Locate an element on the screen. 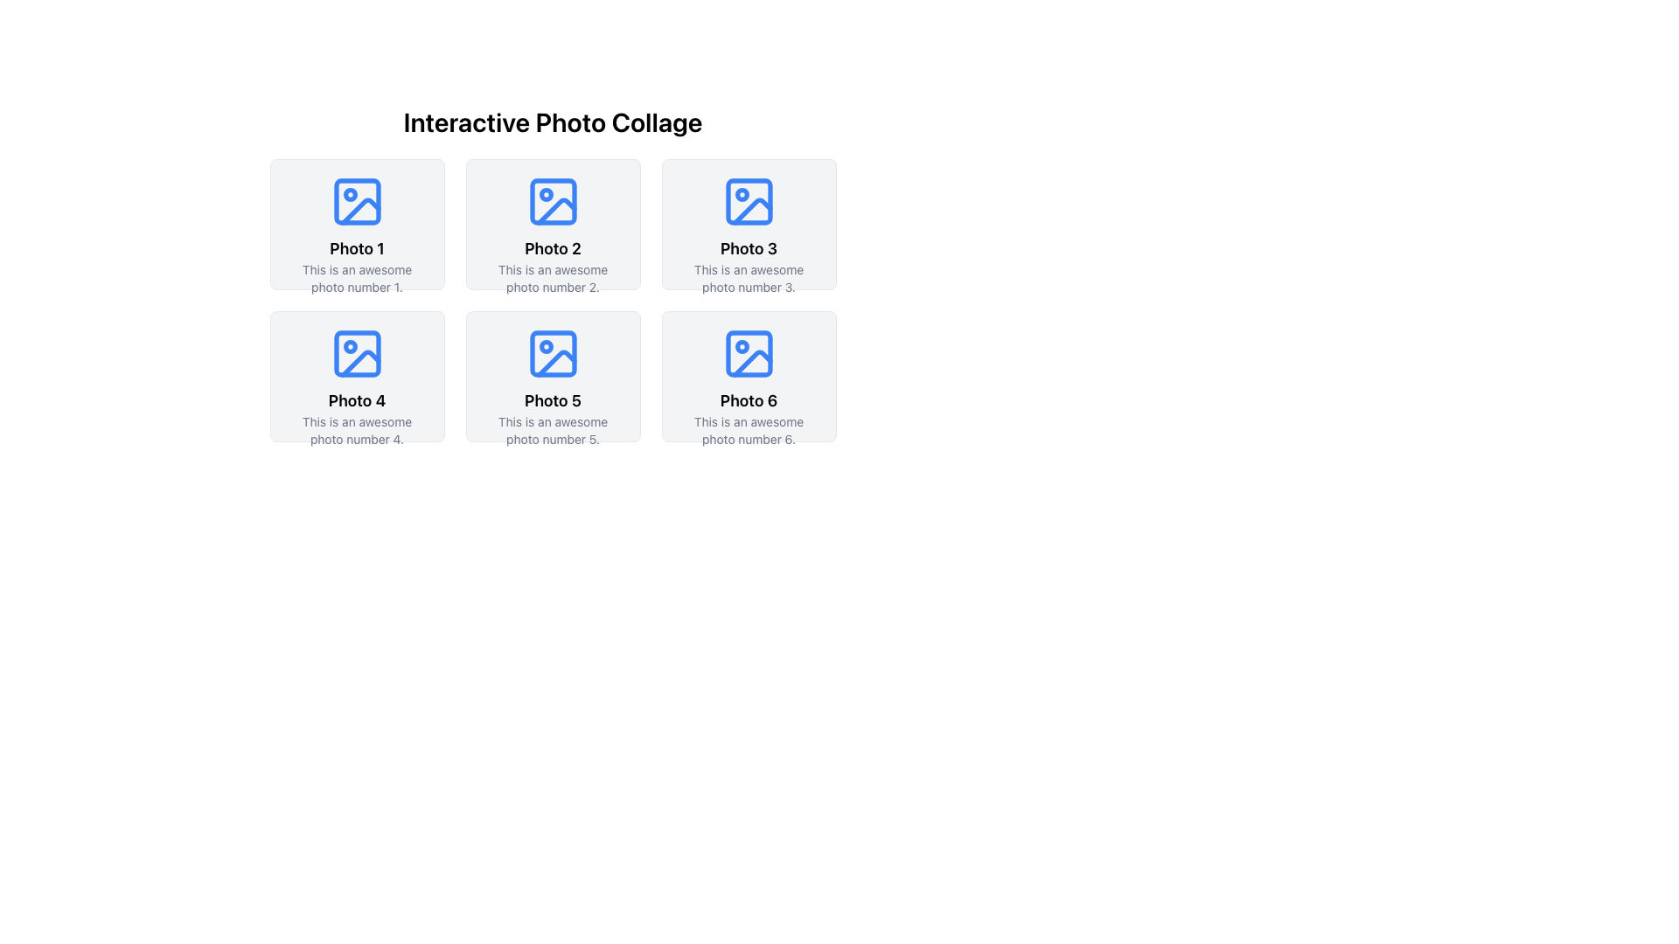 Image resolution: width=1679 pixels, height=944 pixels. the blue outlined square SVG icon representing an image located in the top-right cell of the photo card labeled 'Photo 3, This is an awesome photo number 3.' is located at coordinates (749, 201).